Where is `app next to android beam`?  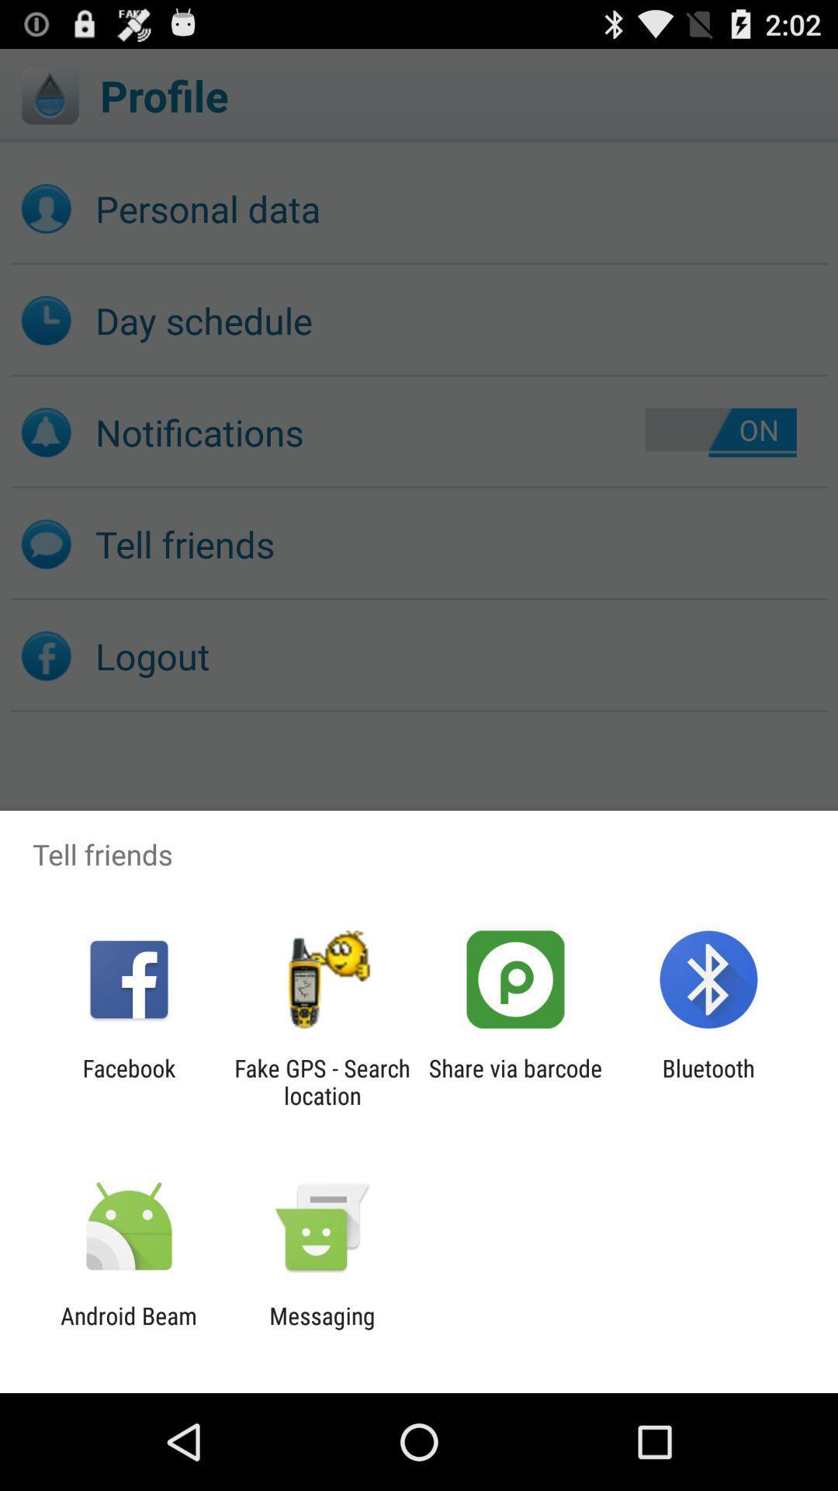
app next to android beam is located at coordinates (321, 1329).